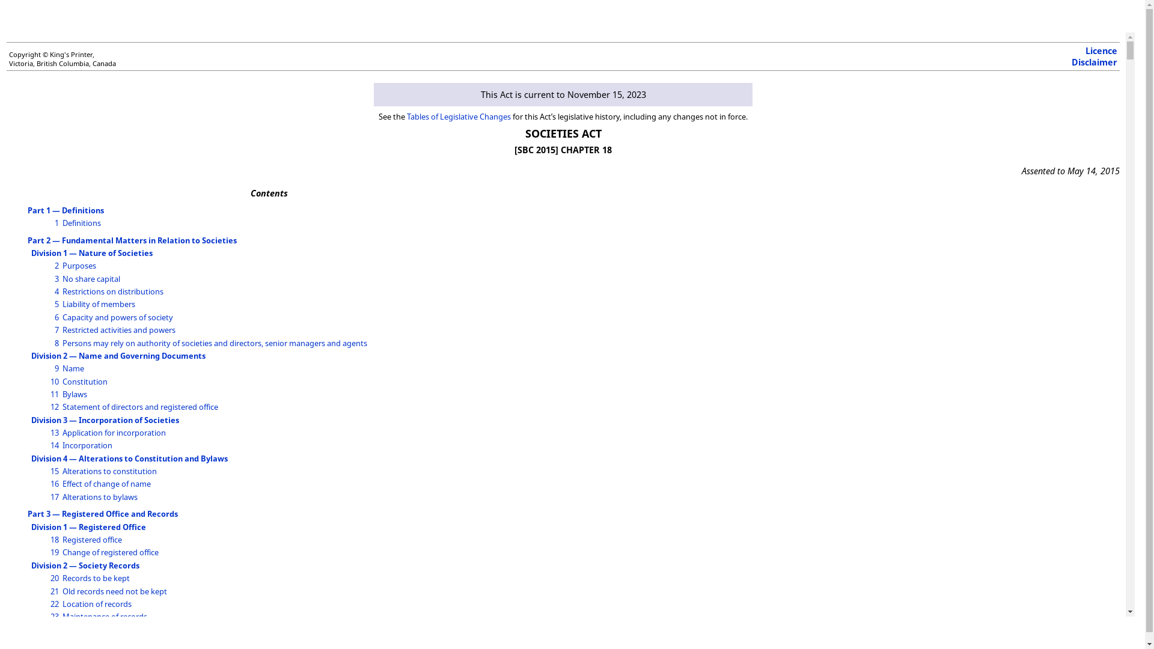 Image resolution: width=1154 pixels, height=649 pixels. What do you see at coordinates (54, 433) in the screenshot?
I see `'13'` at bounding box center [54, 433].